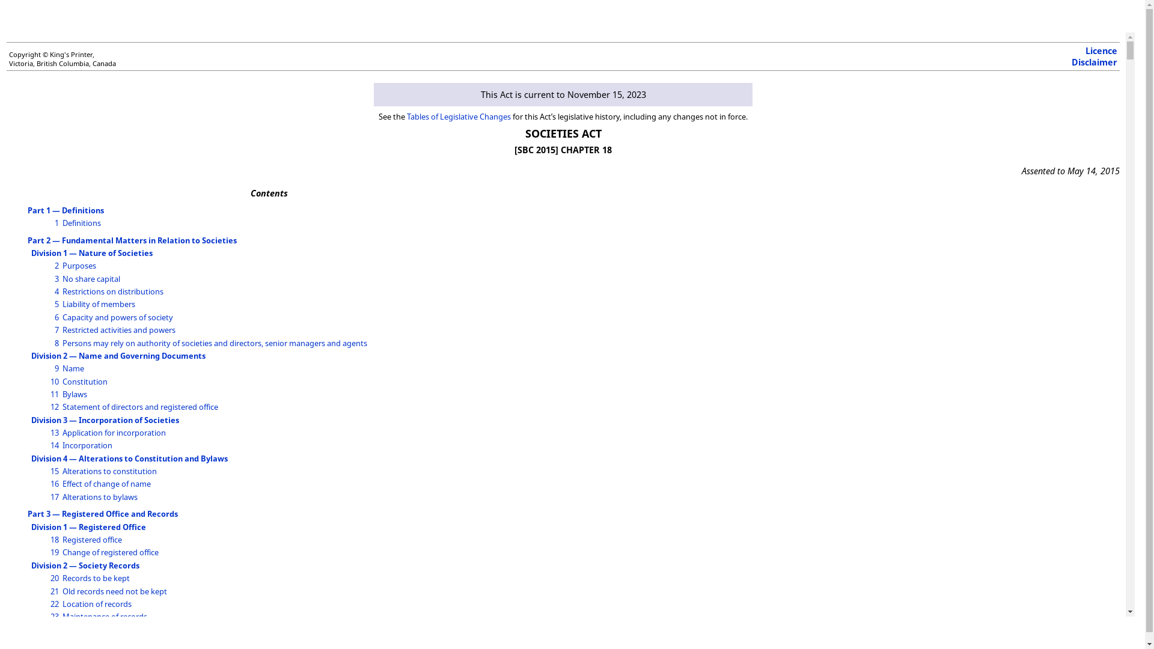 Image resolution: width=1154 pixels, height=649 pixels. What do you see at coordinates (54, 433) in the screenshot?
I see `'13'` at bounding box center [54, 433].